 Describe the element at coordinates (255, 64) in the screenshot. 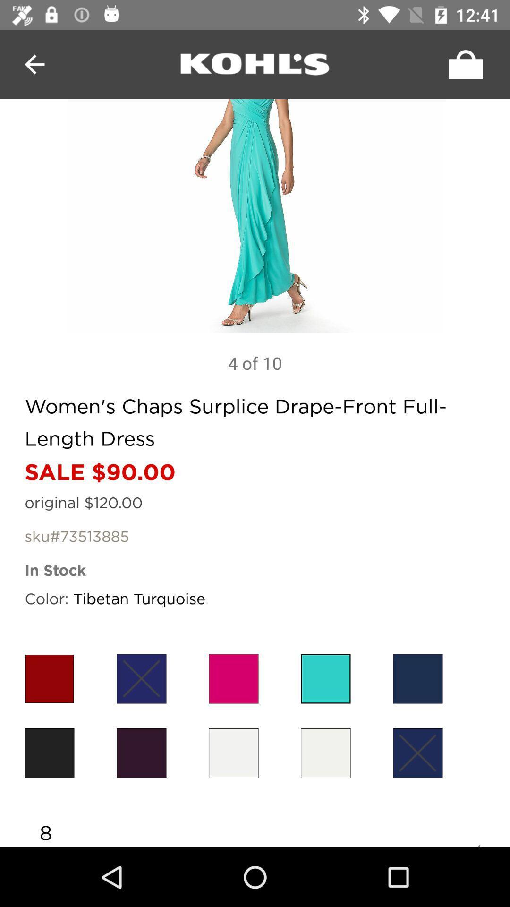

I see `go home` at that location.